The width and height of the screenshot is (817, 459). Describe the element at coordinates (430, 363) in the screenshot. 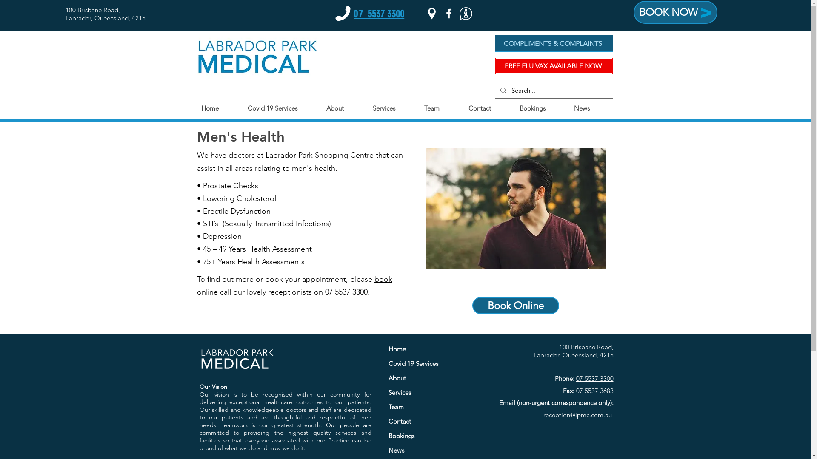

I see `'Covid 19 Services'` at that location.